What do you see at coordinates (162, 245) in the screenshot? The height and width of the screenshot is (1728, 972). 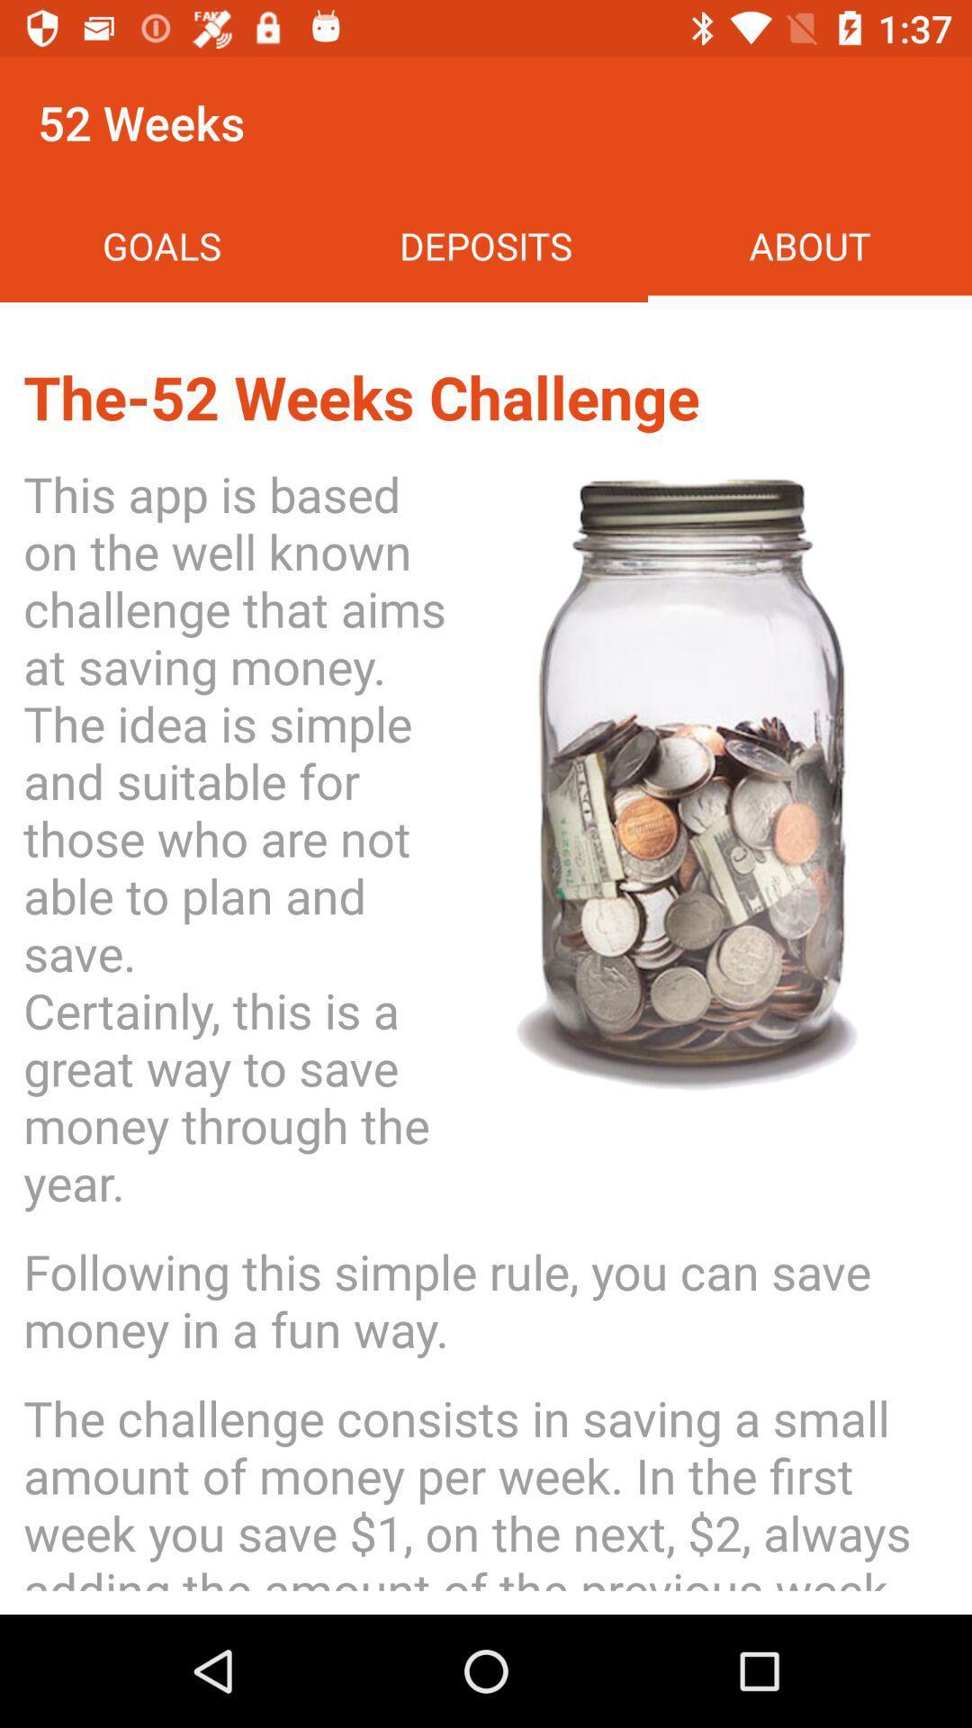 I see `the goals item` at bounding box center [162, 245].